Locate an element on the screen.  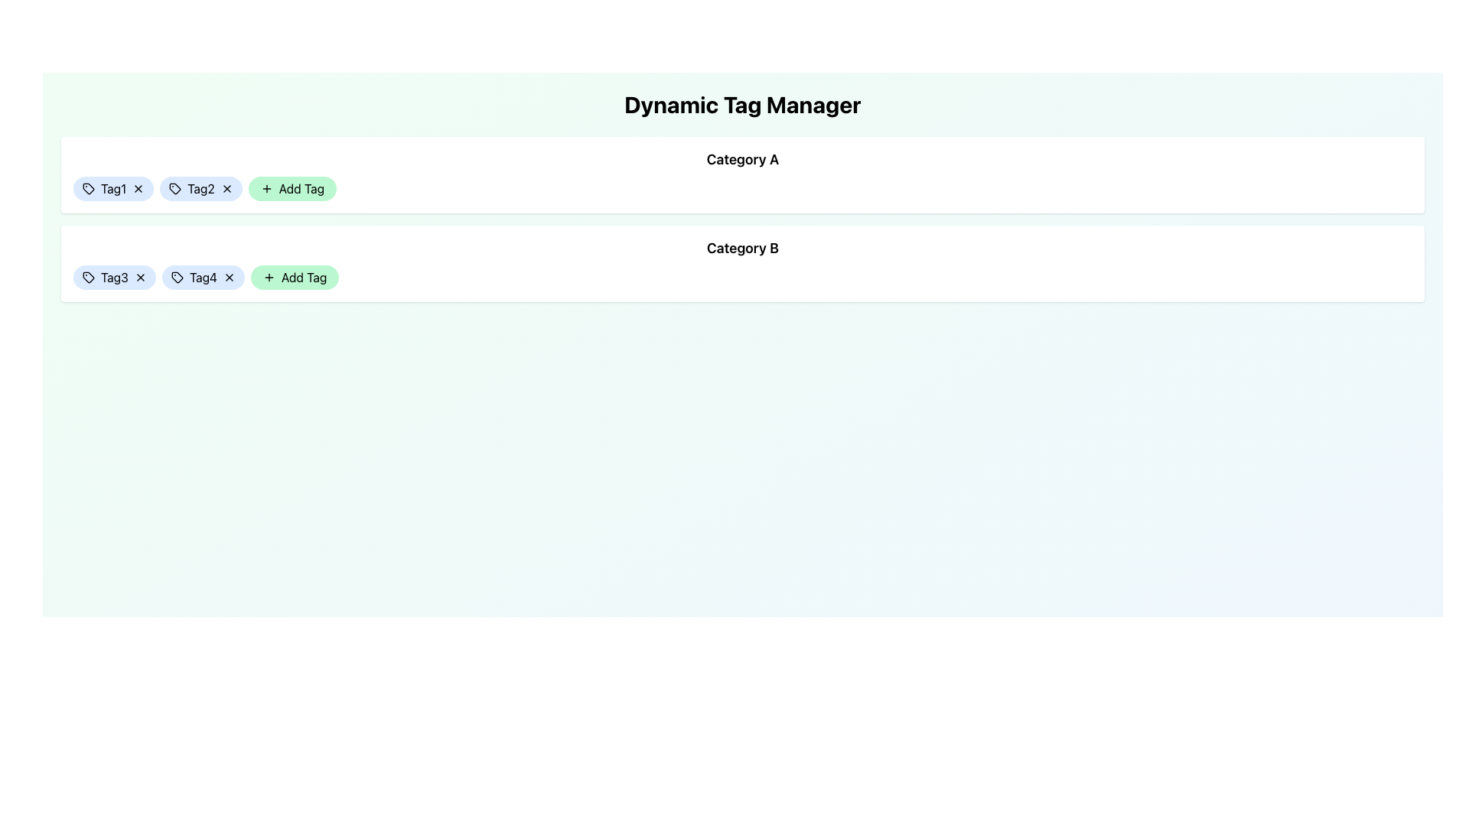
the small green plus icon located to the left of the 'Add Tag' button, which is part of the interactive tag options under 'Category B' is located at coordinates (269, 277).